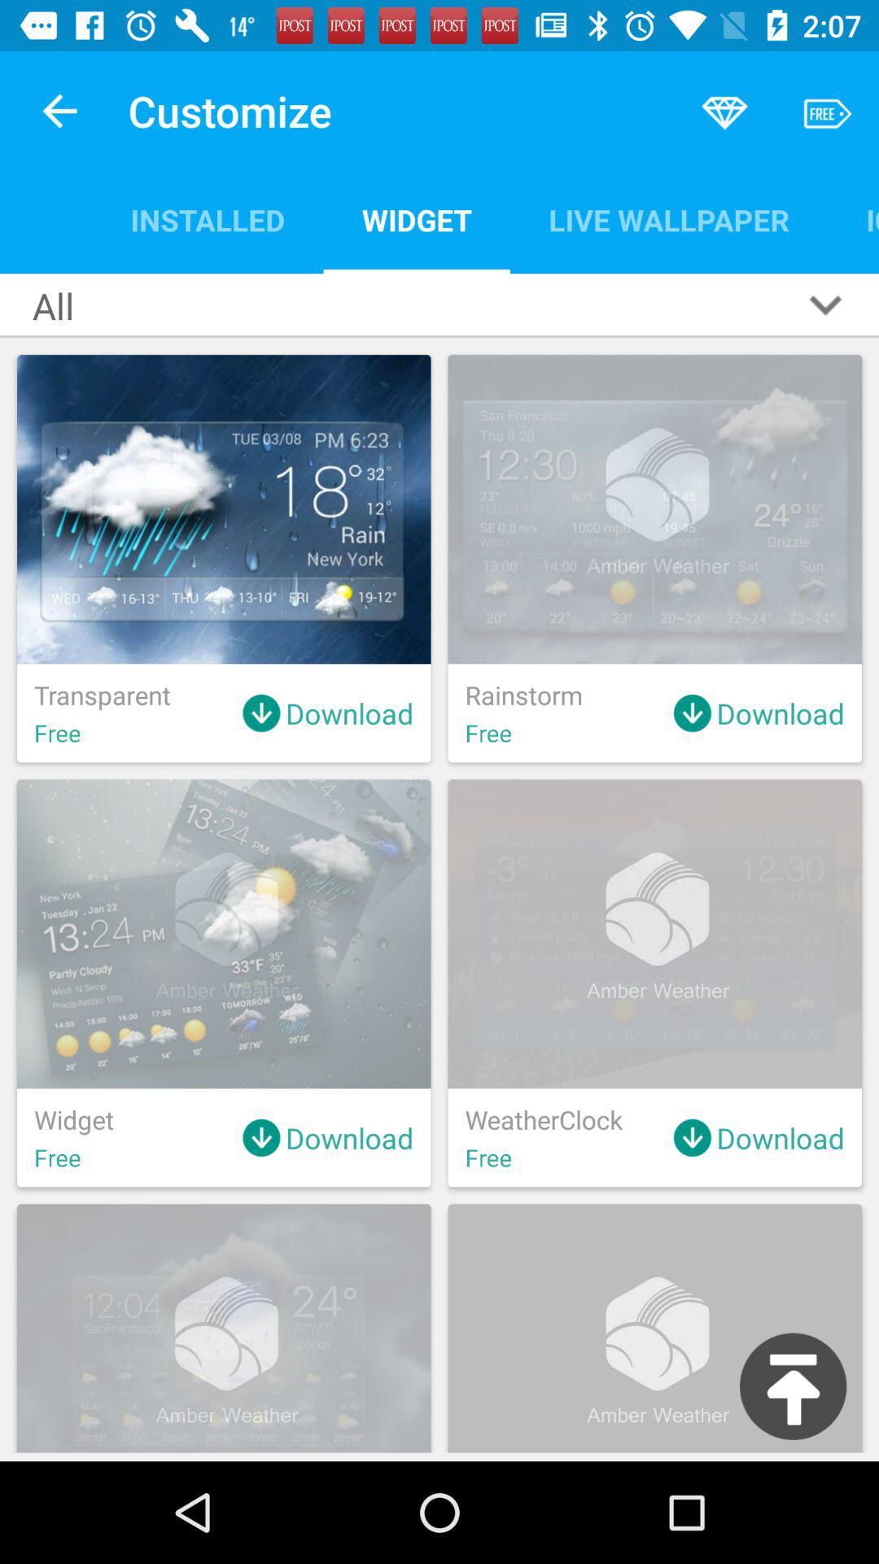  Describe the element at coordinates (59, 110) in the screenshot. I see `the item next to the customize item` at that location.